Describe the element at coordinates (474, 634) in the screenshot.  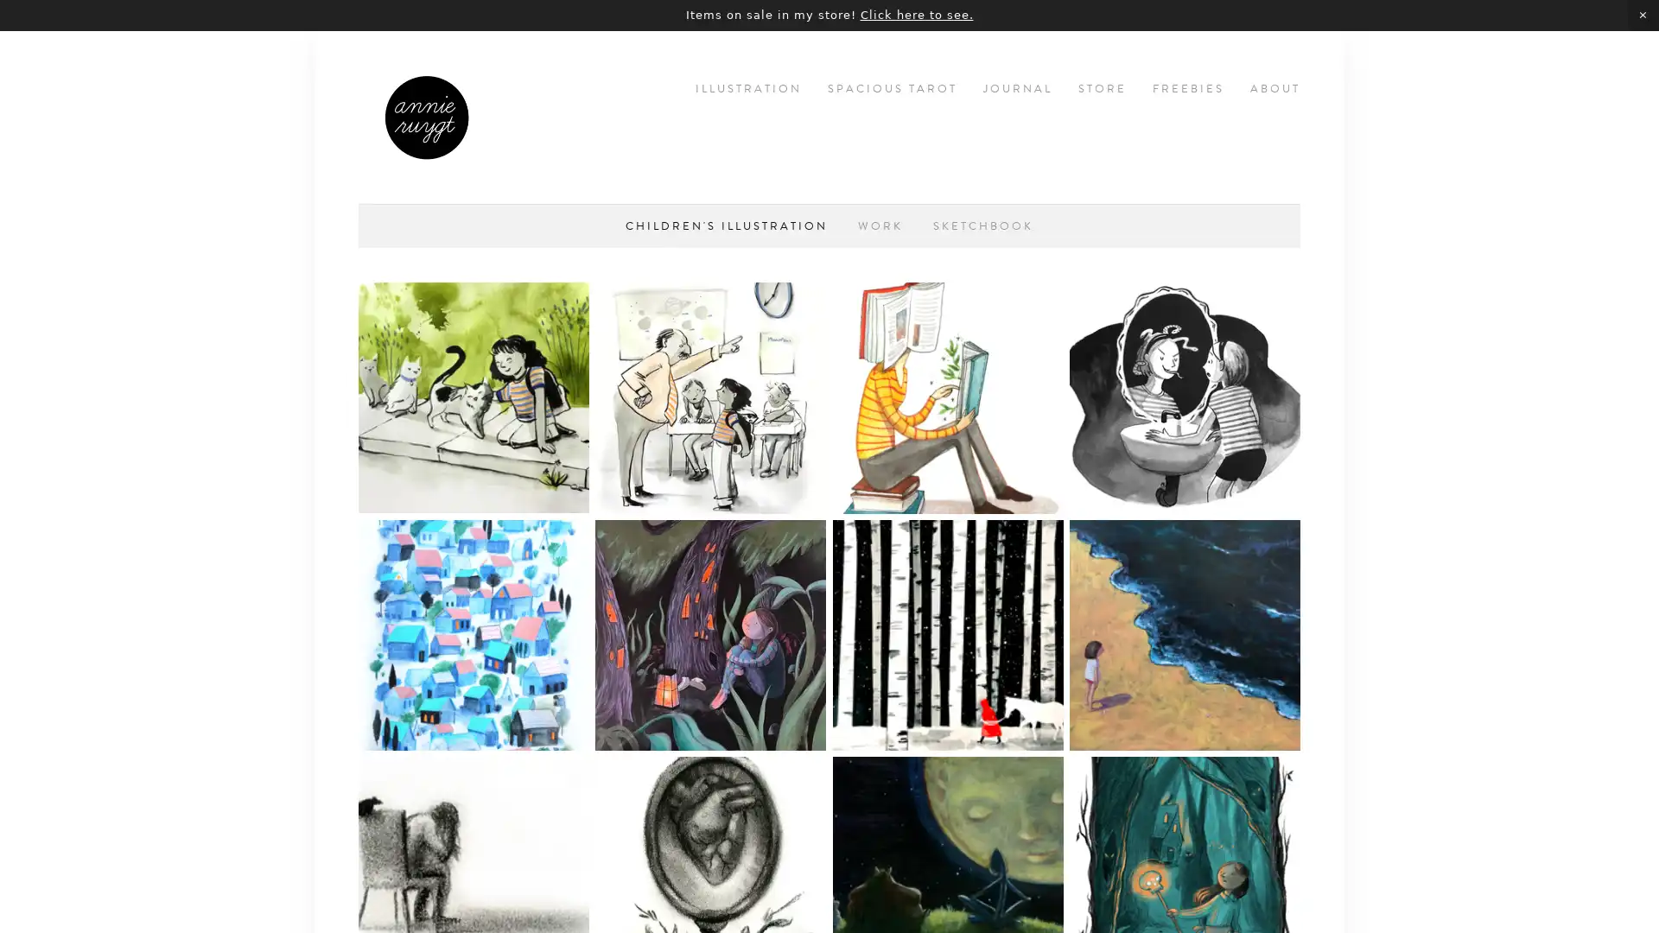
I see `View fullsize alone-2020-annie-ruygt .png` at that location.